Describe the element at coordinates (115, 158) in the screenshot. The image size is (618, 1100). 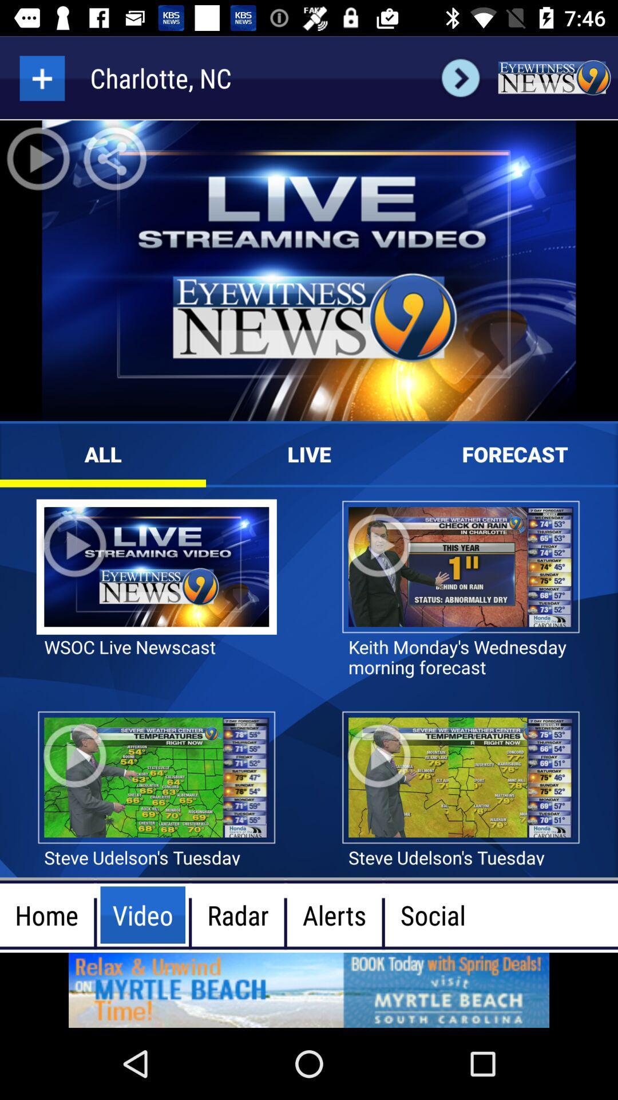
I see `the share icon` at that location.